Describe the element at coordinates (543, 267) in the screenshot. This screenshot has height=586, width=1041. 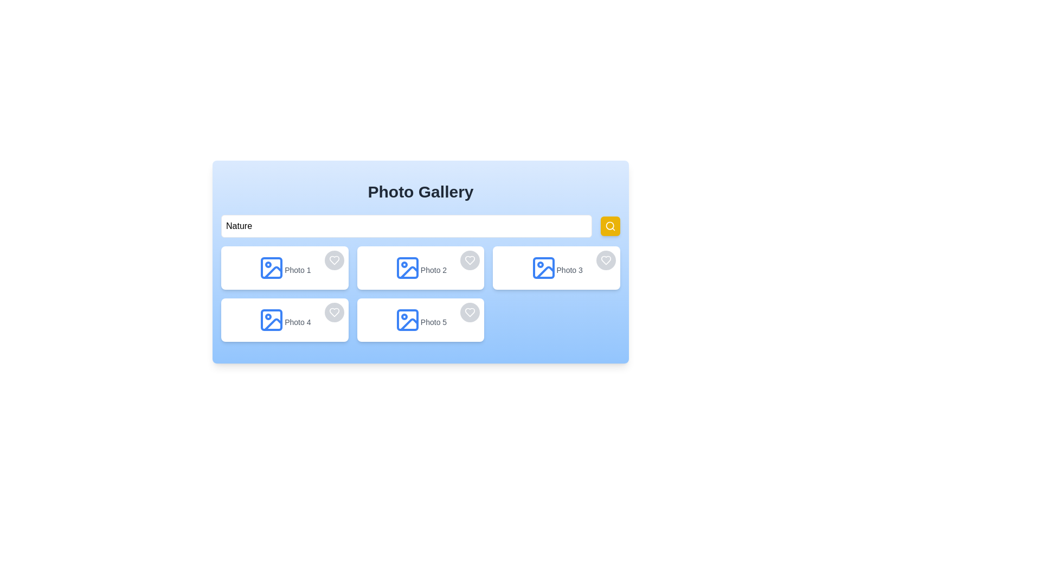
I see `the icon representing the 'Photo 3' tile in the photo gallery grid layout, located in the second row, third column` at that location.